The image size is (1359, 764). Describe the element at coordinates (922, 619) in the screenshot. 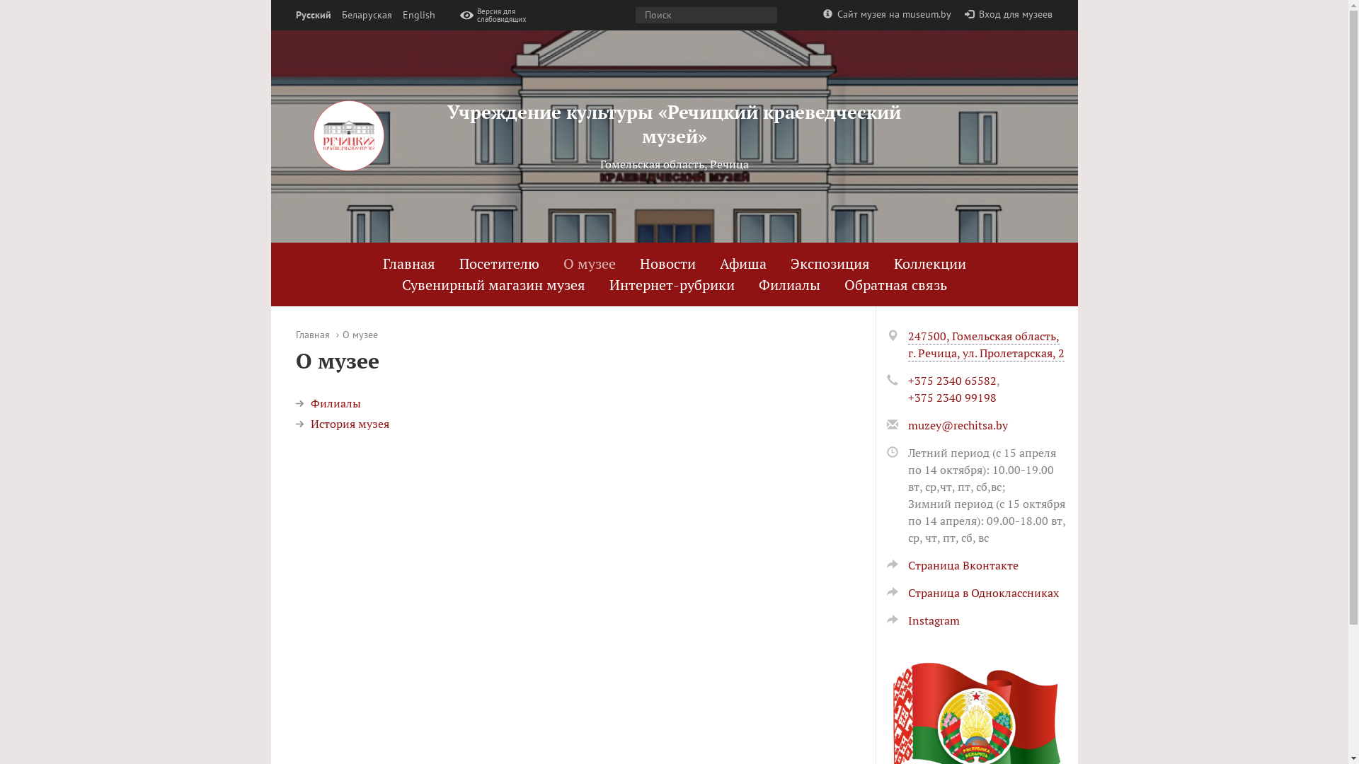

I see `'Instagram'` at that location.